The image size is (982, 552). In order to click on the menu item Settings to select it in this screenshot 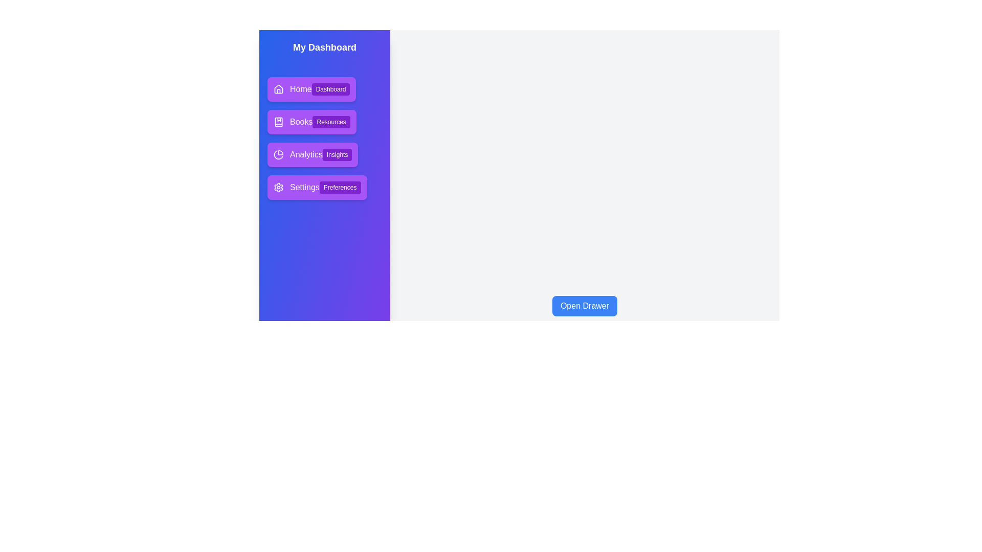, I will do `click(317, 187)`.